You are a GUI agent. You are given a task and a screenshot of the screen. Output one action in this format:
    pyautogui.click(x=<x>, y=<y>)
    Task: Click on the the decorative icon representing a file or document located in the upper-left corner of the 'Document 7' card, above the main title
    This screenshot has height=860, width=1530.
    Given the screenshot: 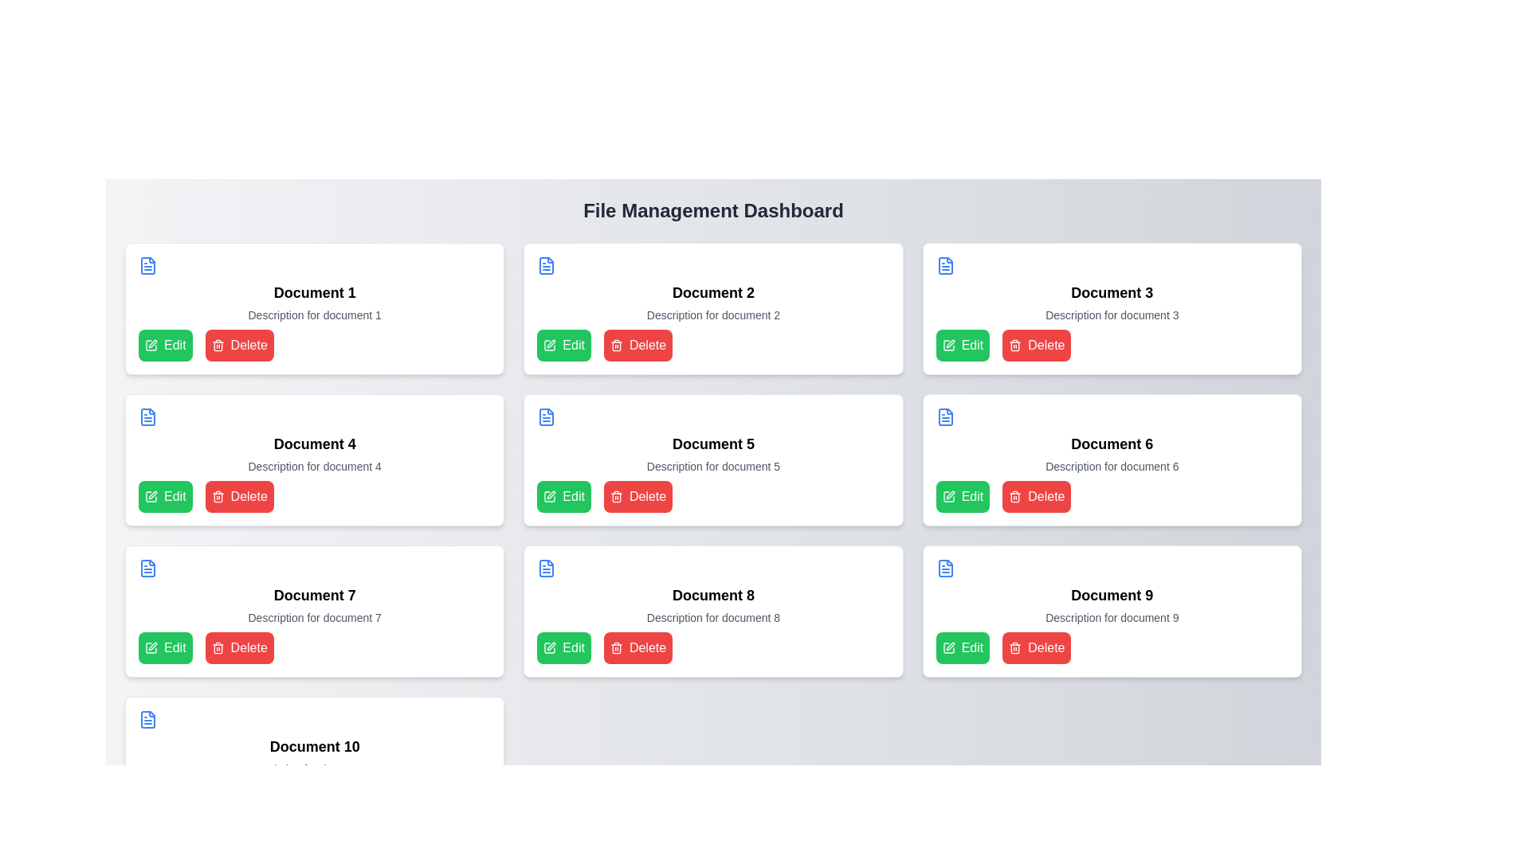 What is the action you would take?
    pyautogui.click(x=148, y=567)
    